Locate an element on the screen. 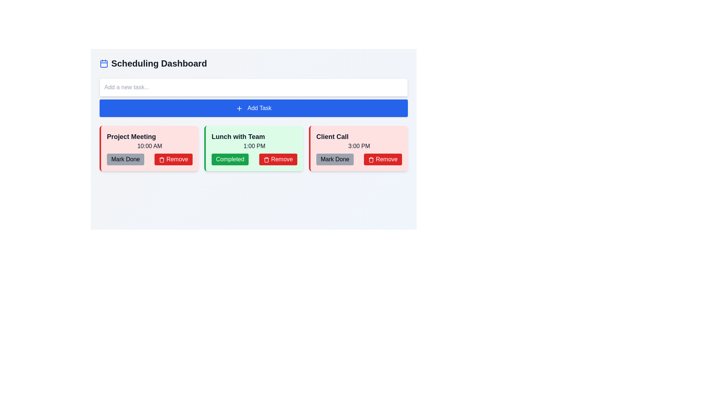 This screenshot has width=703, height=395. the text label displaying the scheduled time ('3:00 PM') located centrally in the client call task card, positioned below the 'Client Call' title and above the action buttons is located at coordinates (359, 146).